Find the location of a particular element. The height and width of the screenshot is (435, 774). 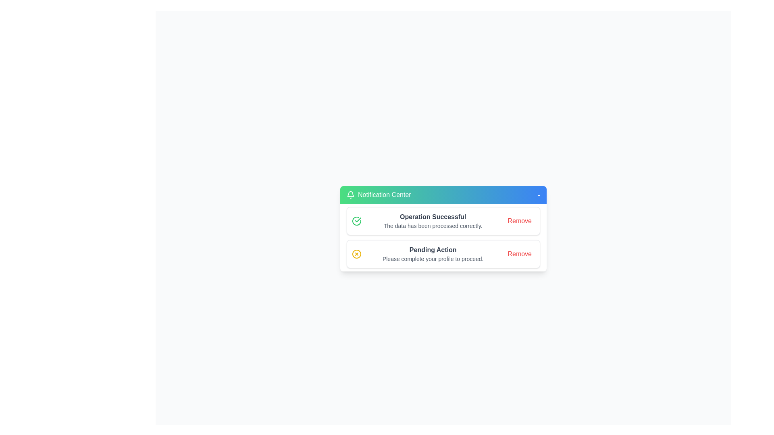

title and description of the second notification card in the 'Notification Center' that informs the user to complete their profile is located at coordinates (443, 254).